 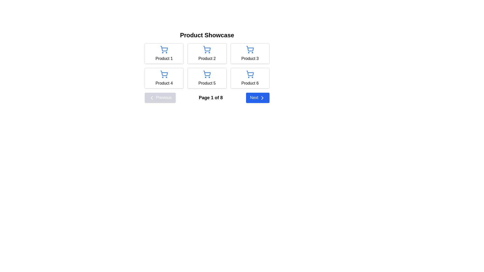 What do you see at coordinates (258, 98) in the screenshot?
I see `the 'Next' button located at the bottom right corner of the navigational bar for accessibility purposes` at bounding box center [258, 98].